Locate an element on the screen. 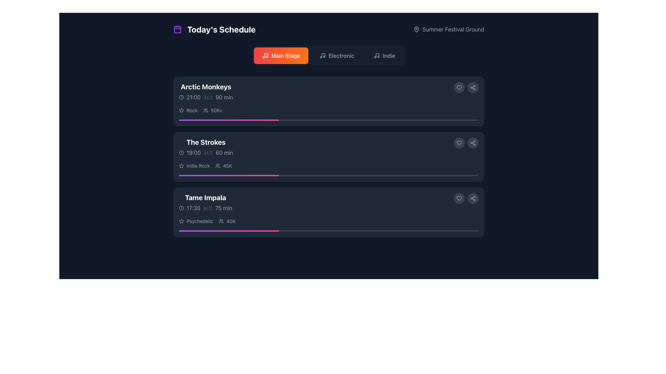 The width and height of the screenshot is (666, 374). keyboard navigation is located at coordinates (459, 87).